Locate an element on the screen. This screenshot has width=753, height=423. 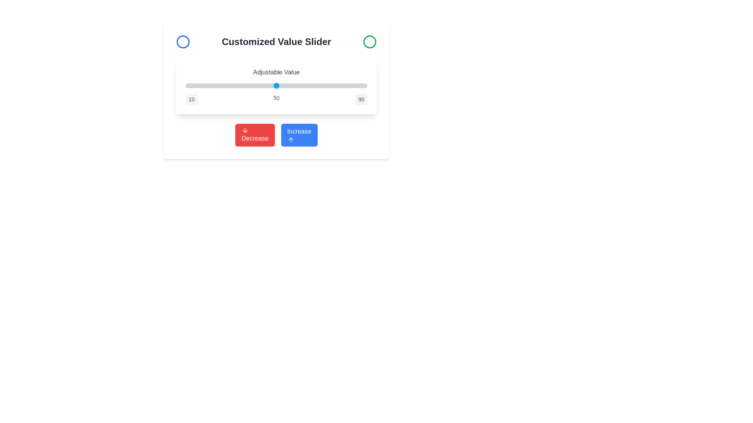
the knob of the Seekbar or Range Slider labeled 'Adjustable Value' is located at coordinates (276, 86).